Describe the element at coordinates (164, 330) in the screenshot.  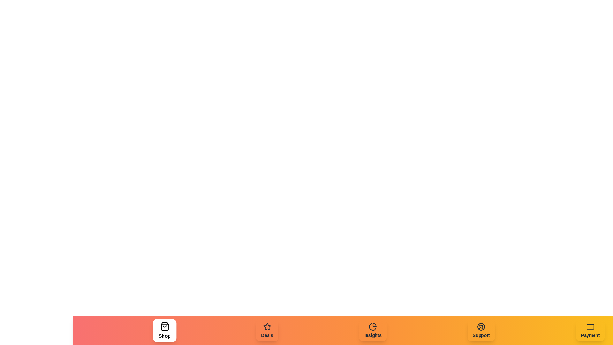
I see `the Shop element in the navigation bar` at that location.